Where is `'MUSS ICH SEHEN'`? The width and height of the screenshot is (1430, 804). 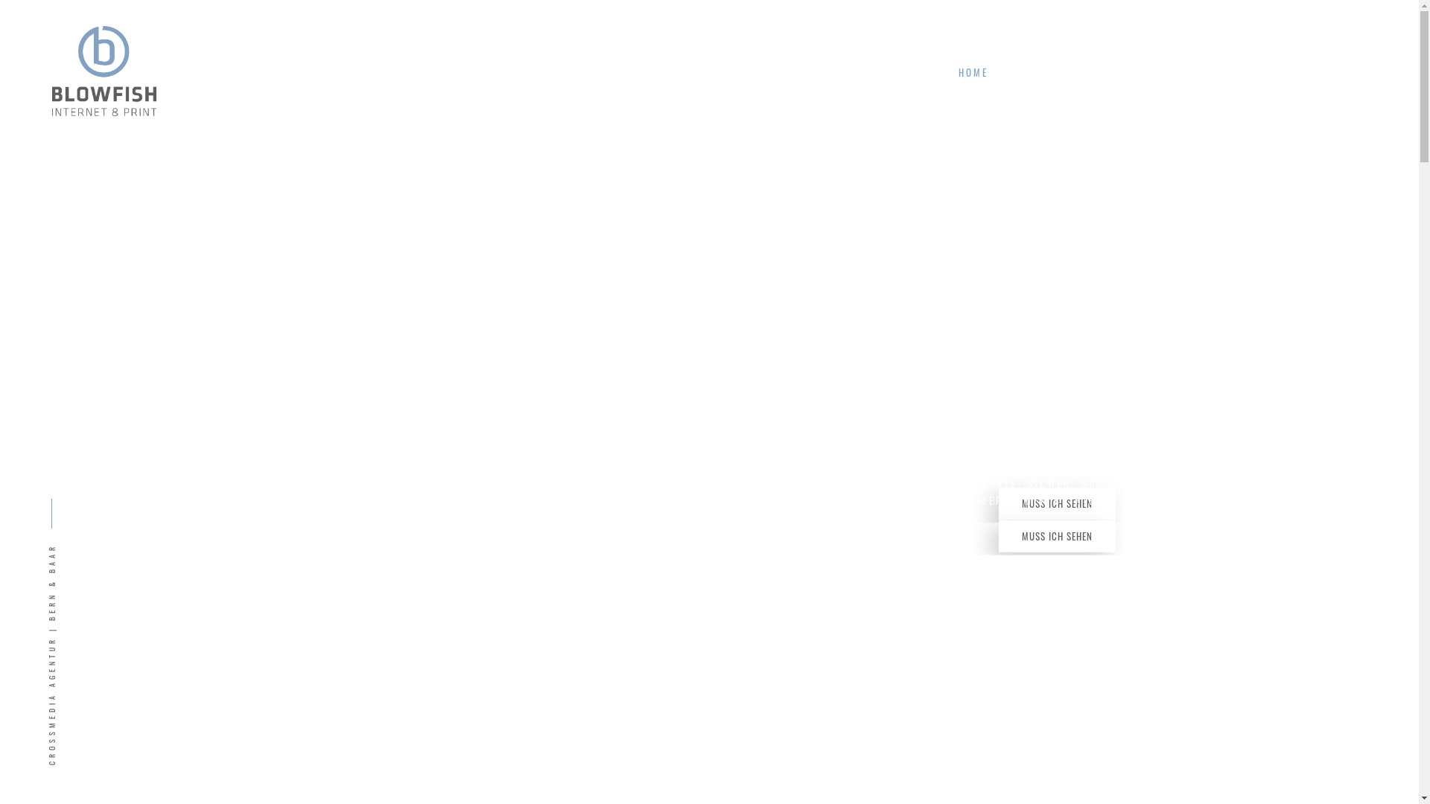 'MUSS ICH SEHEN' is located at coordinates (1055, 536).